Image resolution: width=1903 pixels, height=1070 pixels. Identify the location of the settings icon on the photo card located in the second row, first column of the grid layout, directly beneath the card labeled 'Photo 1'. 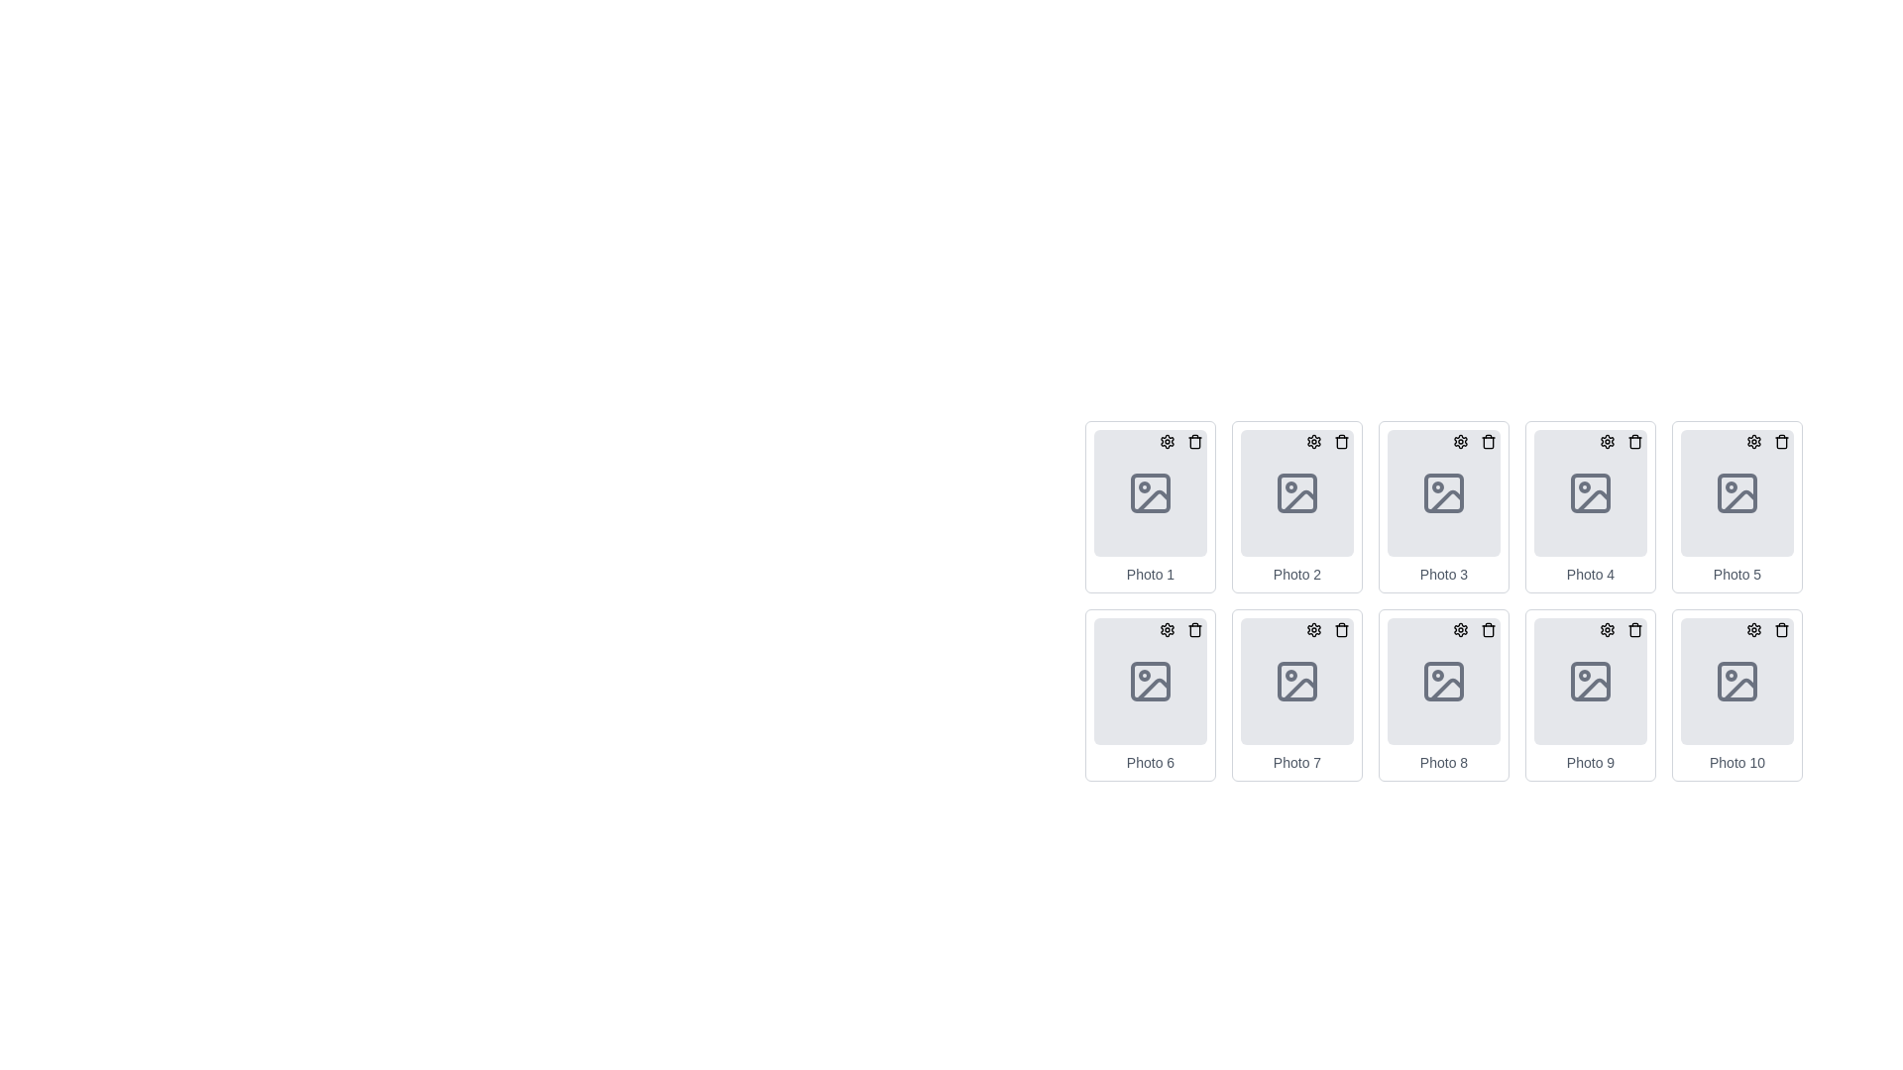
(1151, 695).